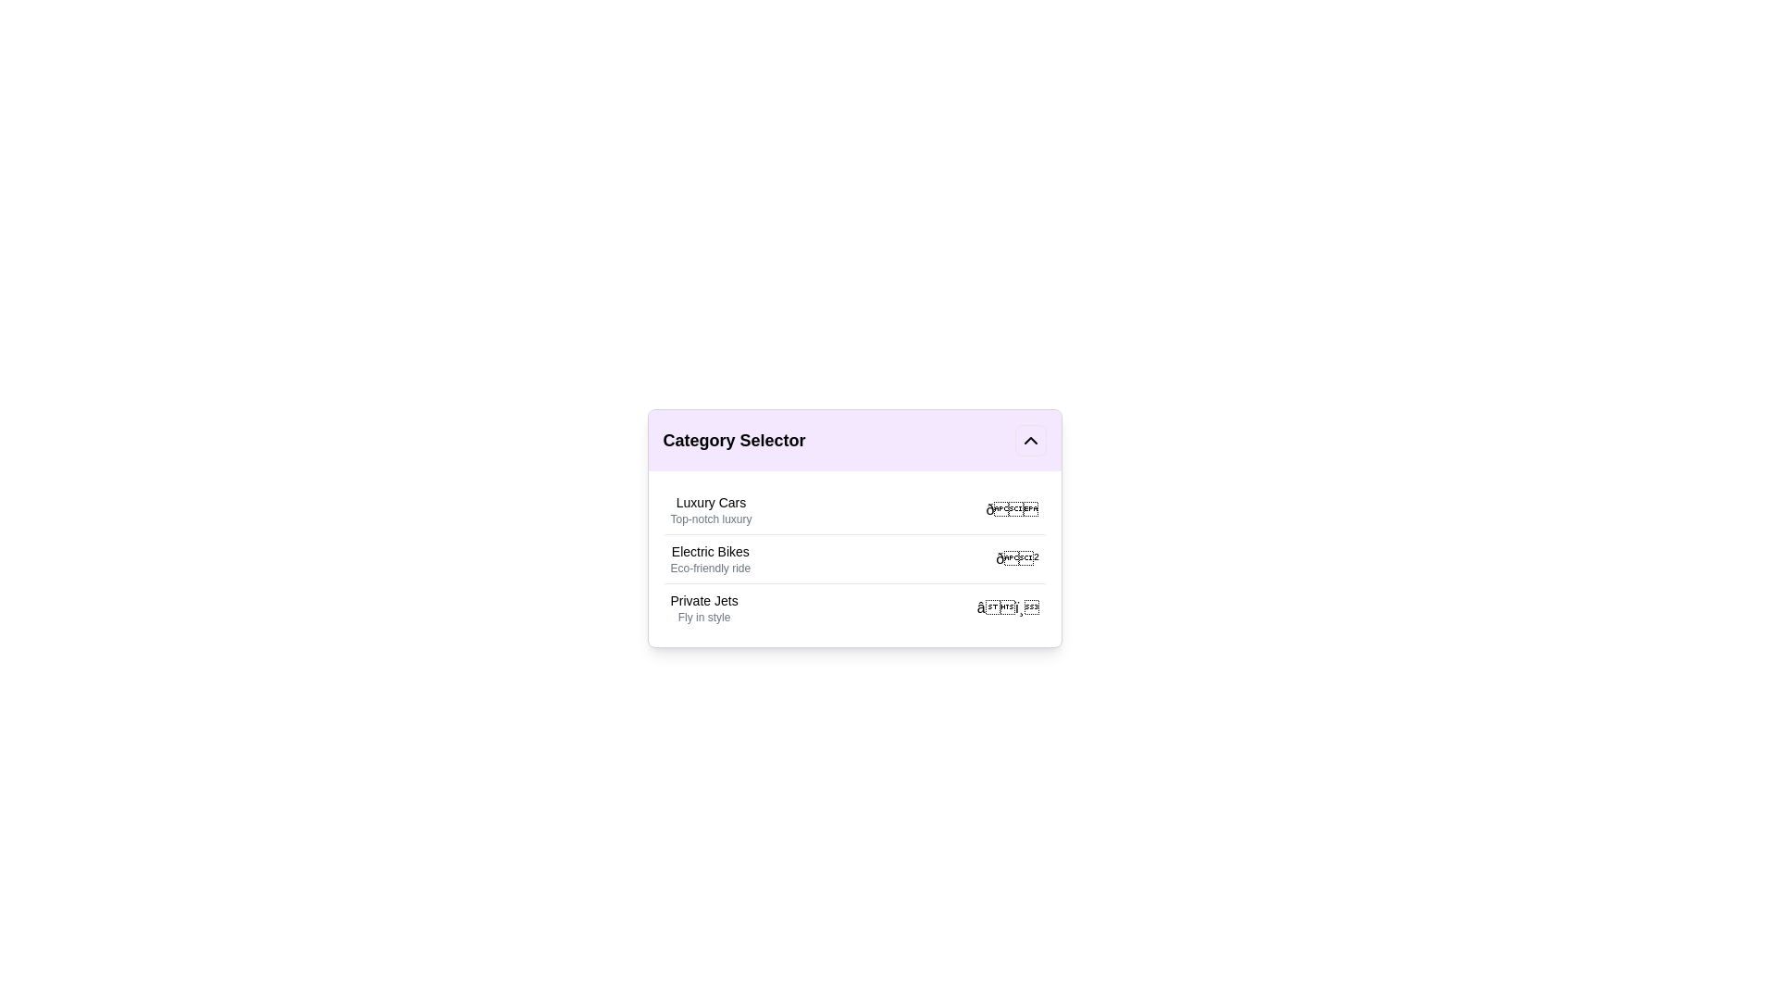  What do you see at coordinates (709, 558) in the screenshot?
I see `the 'Electric Bikes' text label in the dropdown menu` at bounding box center [709, 558].